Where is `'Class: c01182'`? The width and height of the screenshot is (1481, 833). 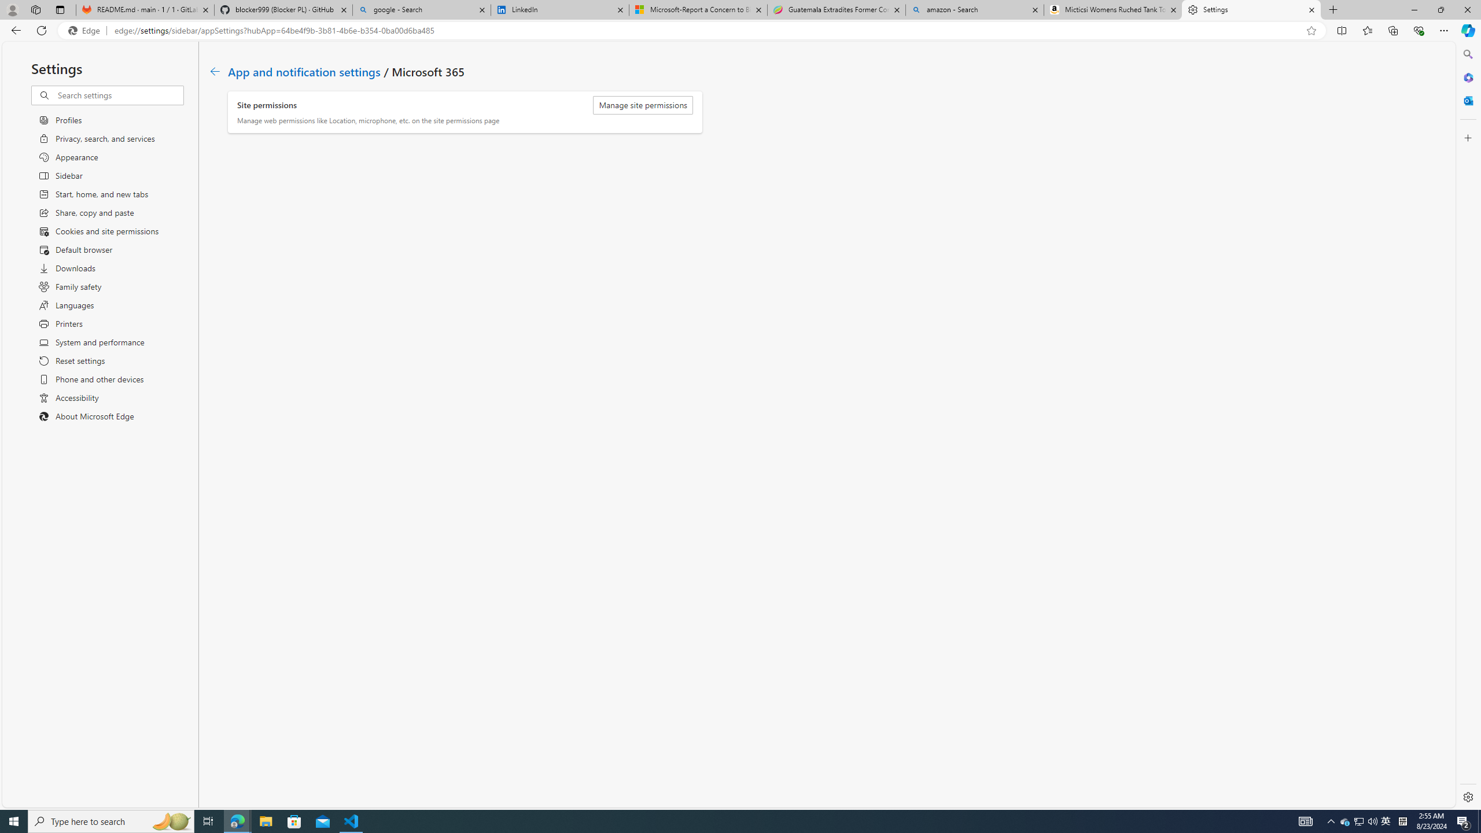 'Class: c01182' is located at coordinates (214, 71).